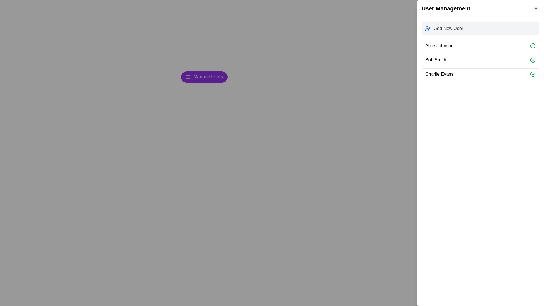 This screenshot has height=306, width=544. What do you see at coordinates (480, 74) in the screenshot?
I see `the list item displaying the user's name 'Charlie Evans'` at bounding box center [480, 74].